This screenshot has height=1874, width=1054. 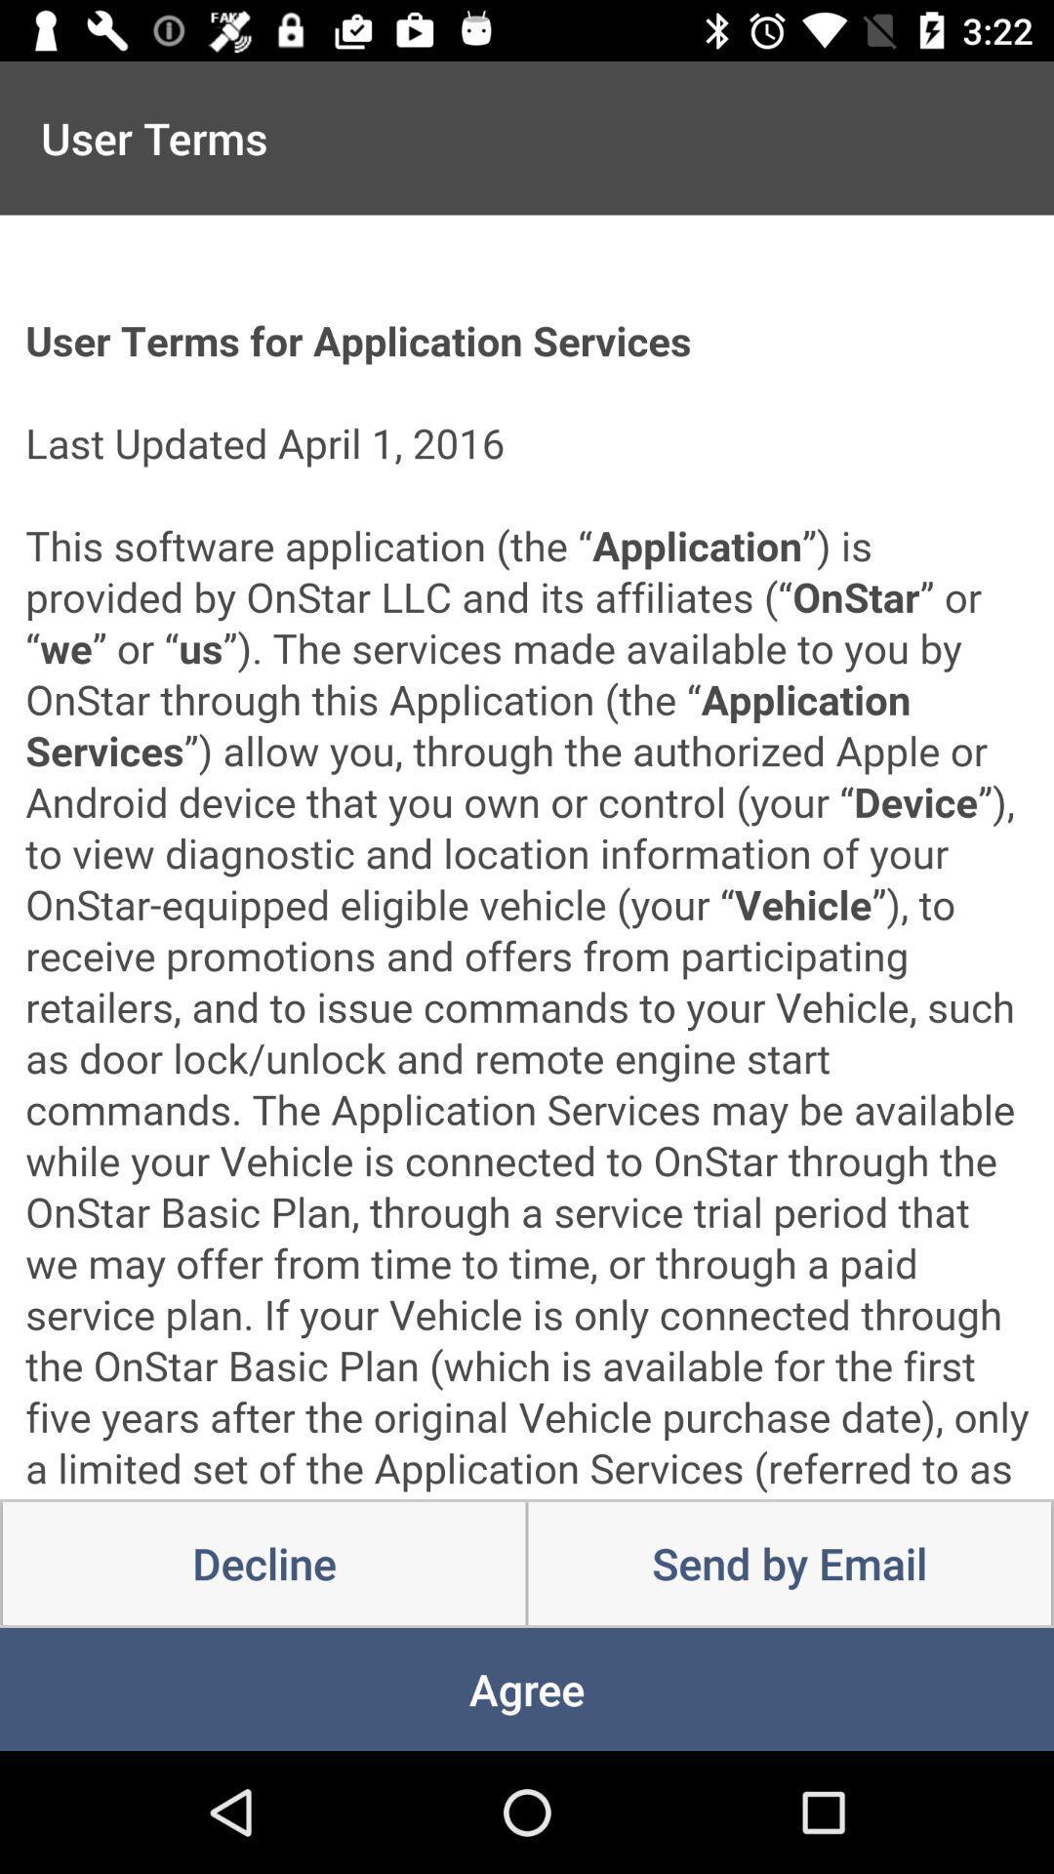 What do you see at coordinates (263, 1564) in the screenshot?
I see `icon next to send by email item` at bounding box center [263, 1564].